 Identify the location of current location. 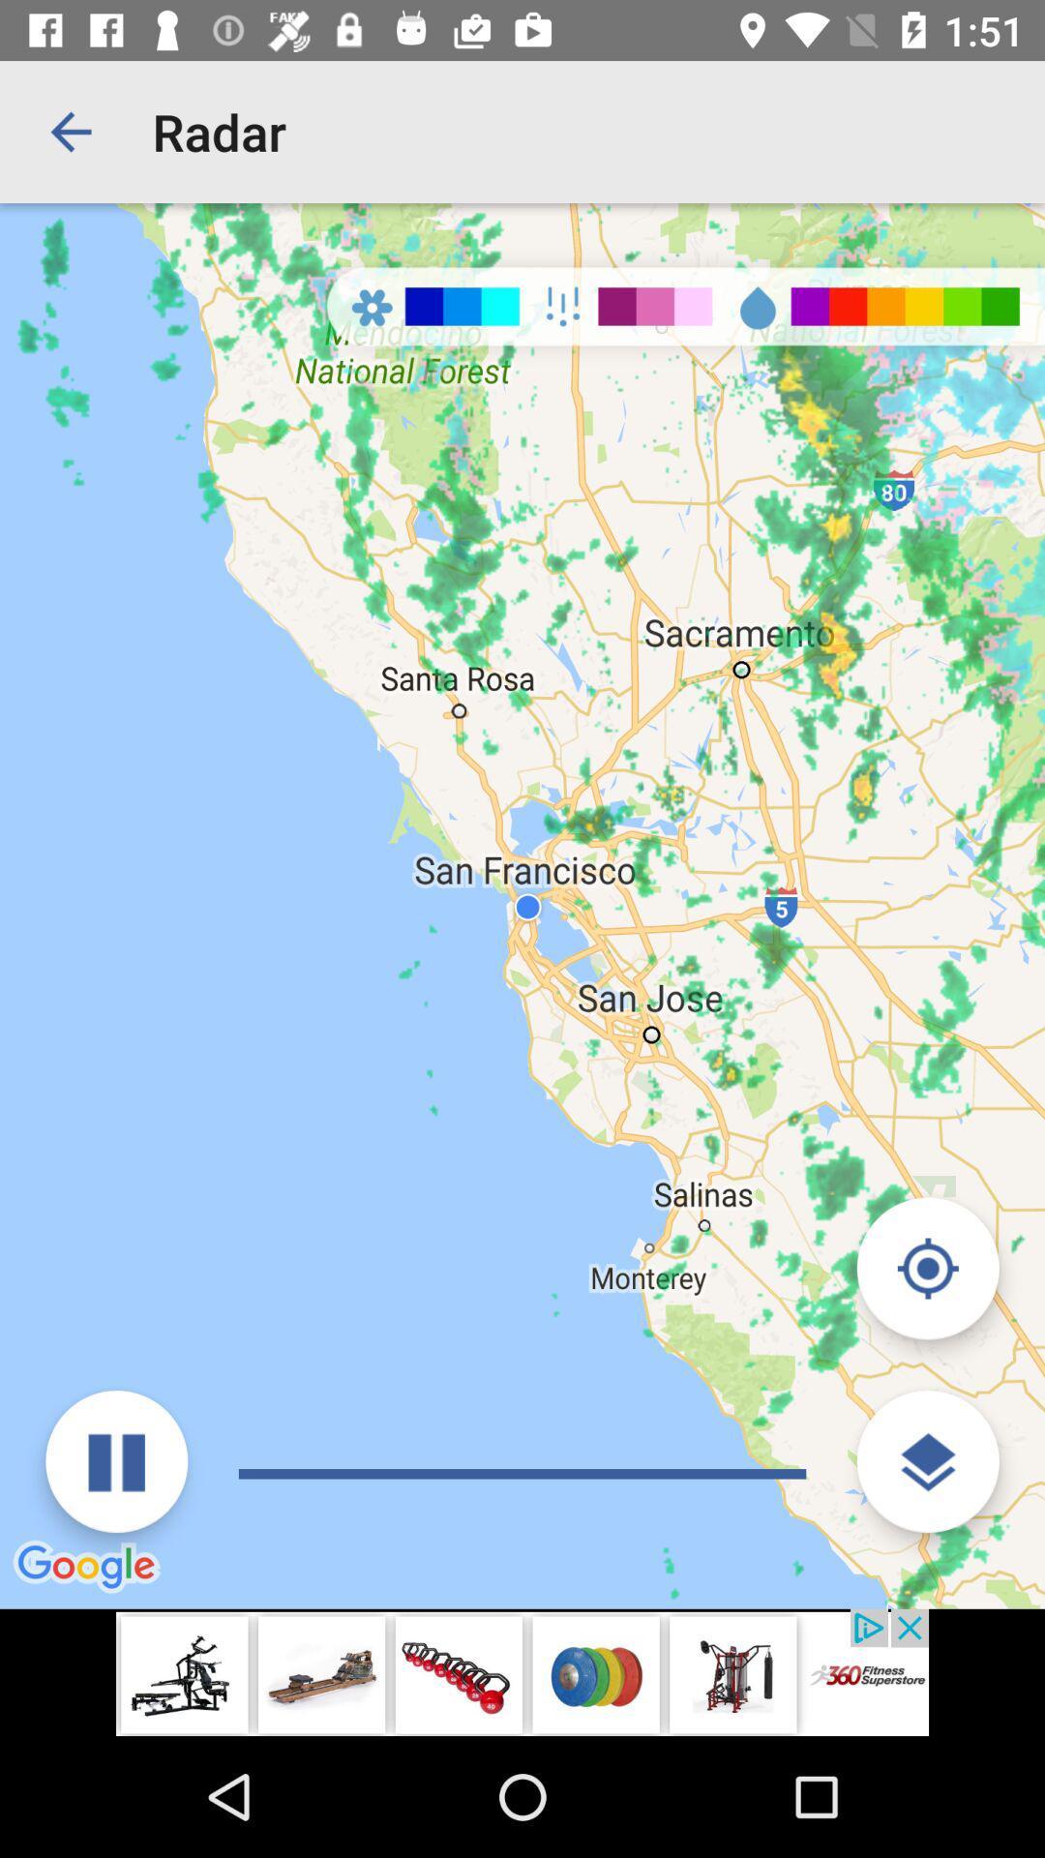
(927, 1268).